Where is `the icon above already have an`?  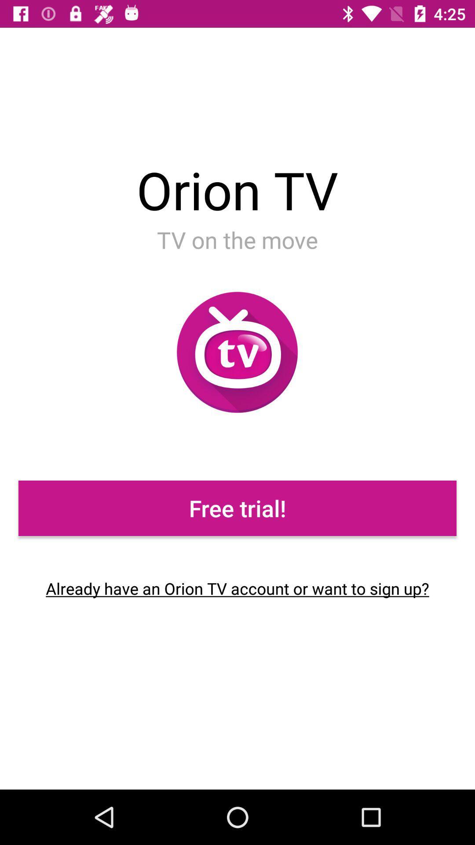 the icon above already have an is located at coordinates (237, 508).